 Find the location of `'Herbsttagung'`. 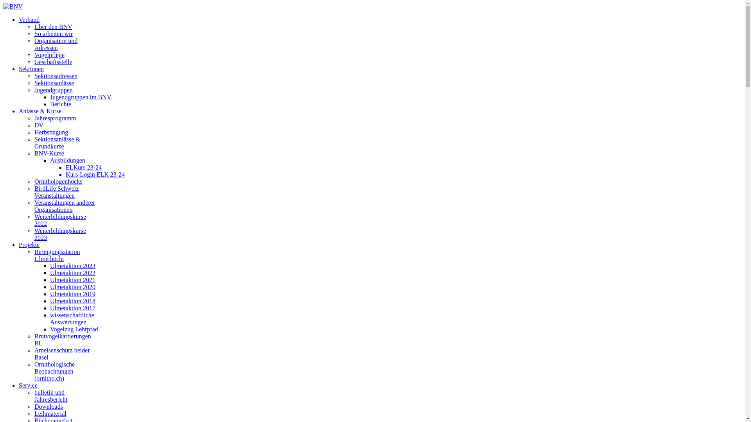

'Herbsttagung' is located at coordinates (34, 132).